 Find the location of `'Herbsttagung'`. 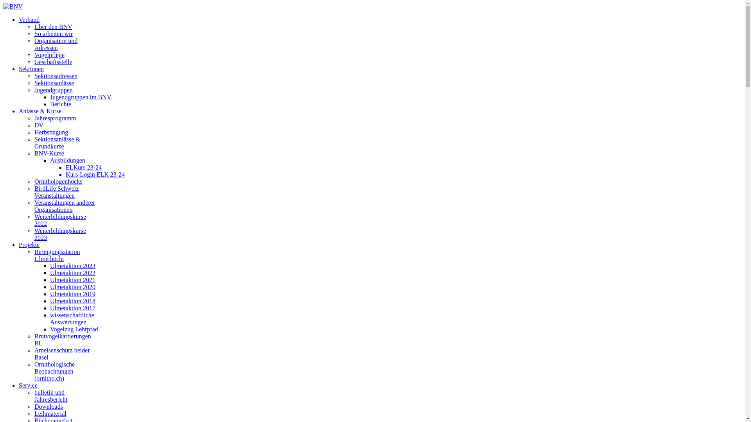

'Herbsttagung' is located at coordinates (34, 132).